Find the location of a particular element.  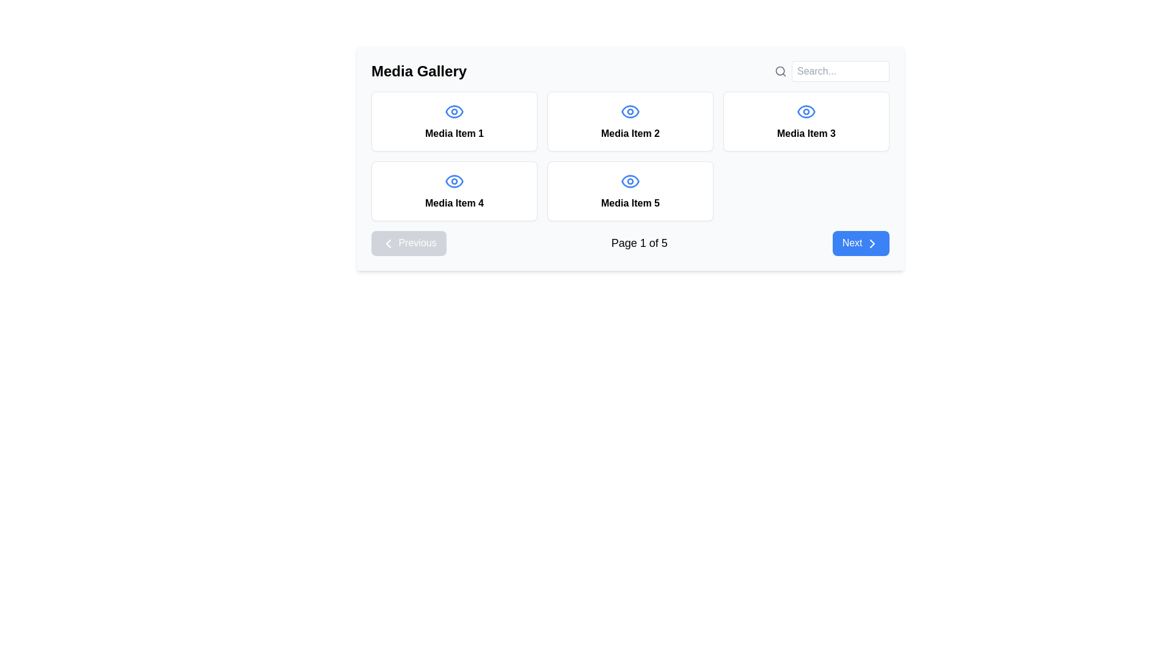

the prominent icon representing the 'view' action for 'Media Item 3', located at the top-right corner of its card component is located at coordinates (806, 111).